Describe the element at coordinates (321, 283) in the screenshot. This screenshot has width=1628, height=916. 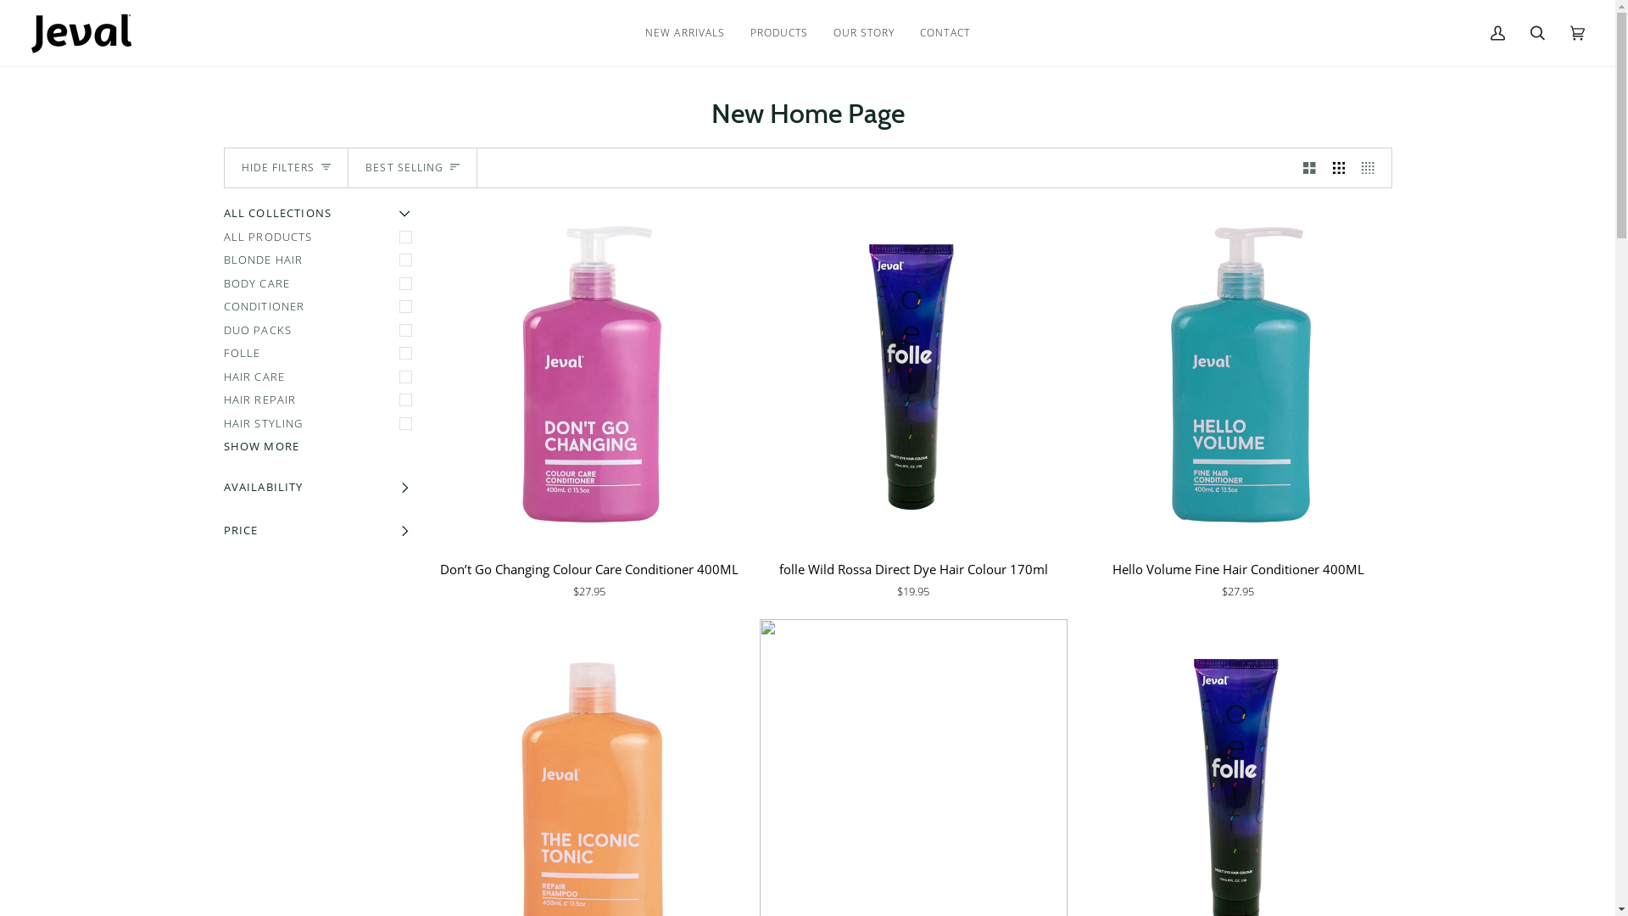
I see `'BODY CARE'` at that location.